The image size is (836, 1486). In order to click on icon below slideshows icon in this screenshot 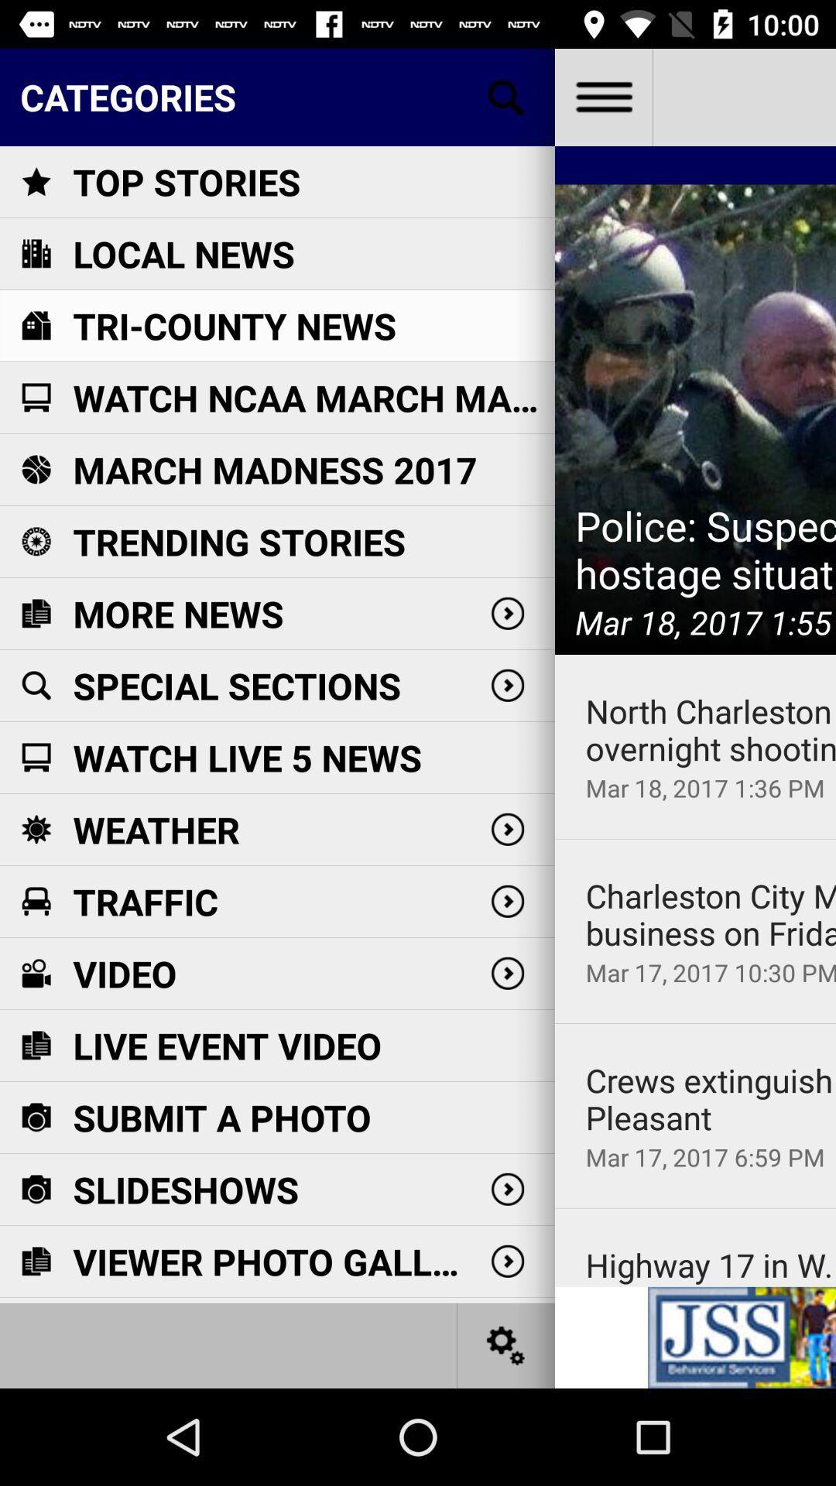, I will do `click(271, 1262)`.